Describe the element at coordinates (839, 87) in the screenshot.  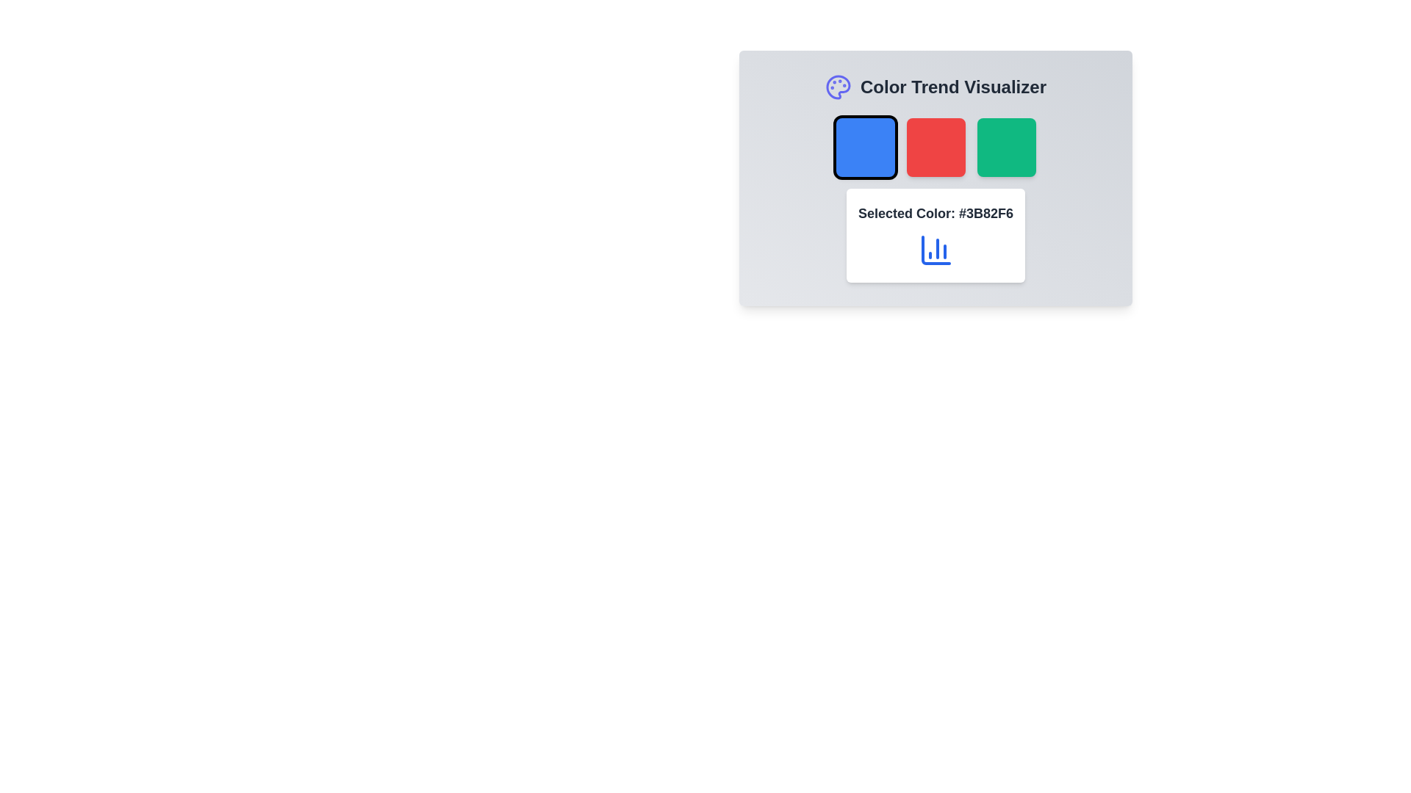
I see `the palette icon located at the top-left corner of the card, which features circular shapes and paint blobs, adjacent to the title 'Color Trend Visualizer'` at that location.